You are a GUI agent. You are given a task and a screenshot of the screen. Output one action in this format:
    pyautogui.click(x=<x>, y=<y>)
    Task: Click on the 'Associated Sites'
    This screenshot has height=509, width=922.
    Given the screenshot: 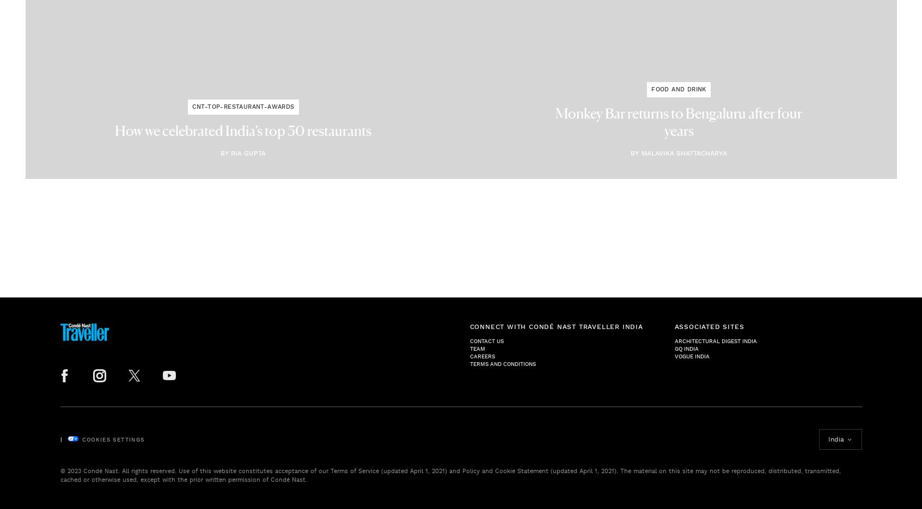 What is the action you would take?
    pyautogui.click(x=709, y=326)
    